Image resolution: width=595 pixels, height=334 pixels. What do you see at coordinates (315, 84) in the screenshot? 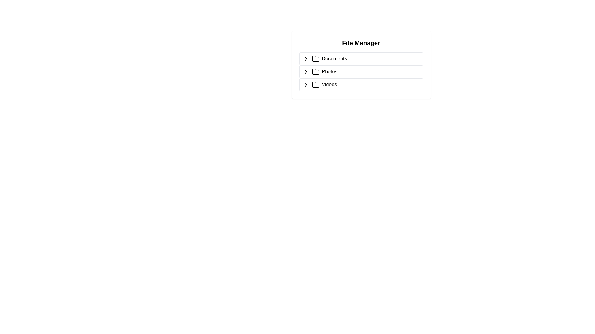
I see `the third folder icon in the vertical stack, located to the left of the 'Videos' text label` at bounding box center [315, 84].